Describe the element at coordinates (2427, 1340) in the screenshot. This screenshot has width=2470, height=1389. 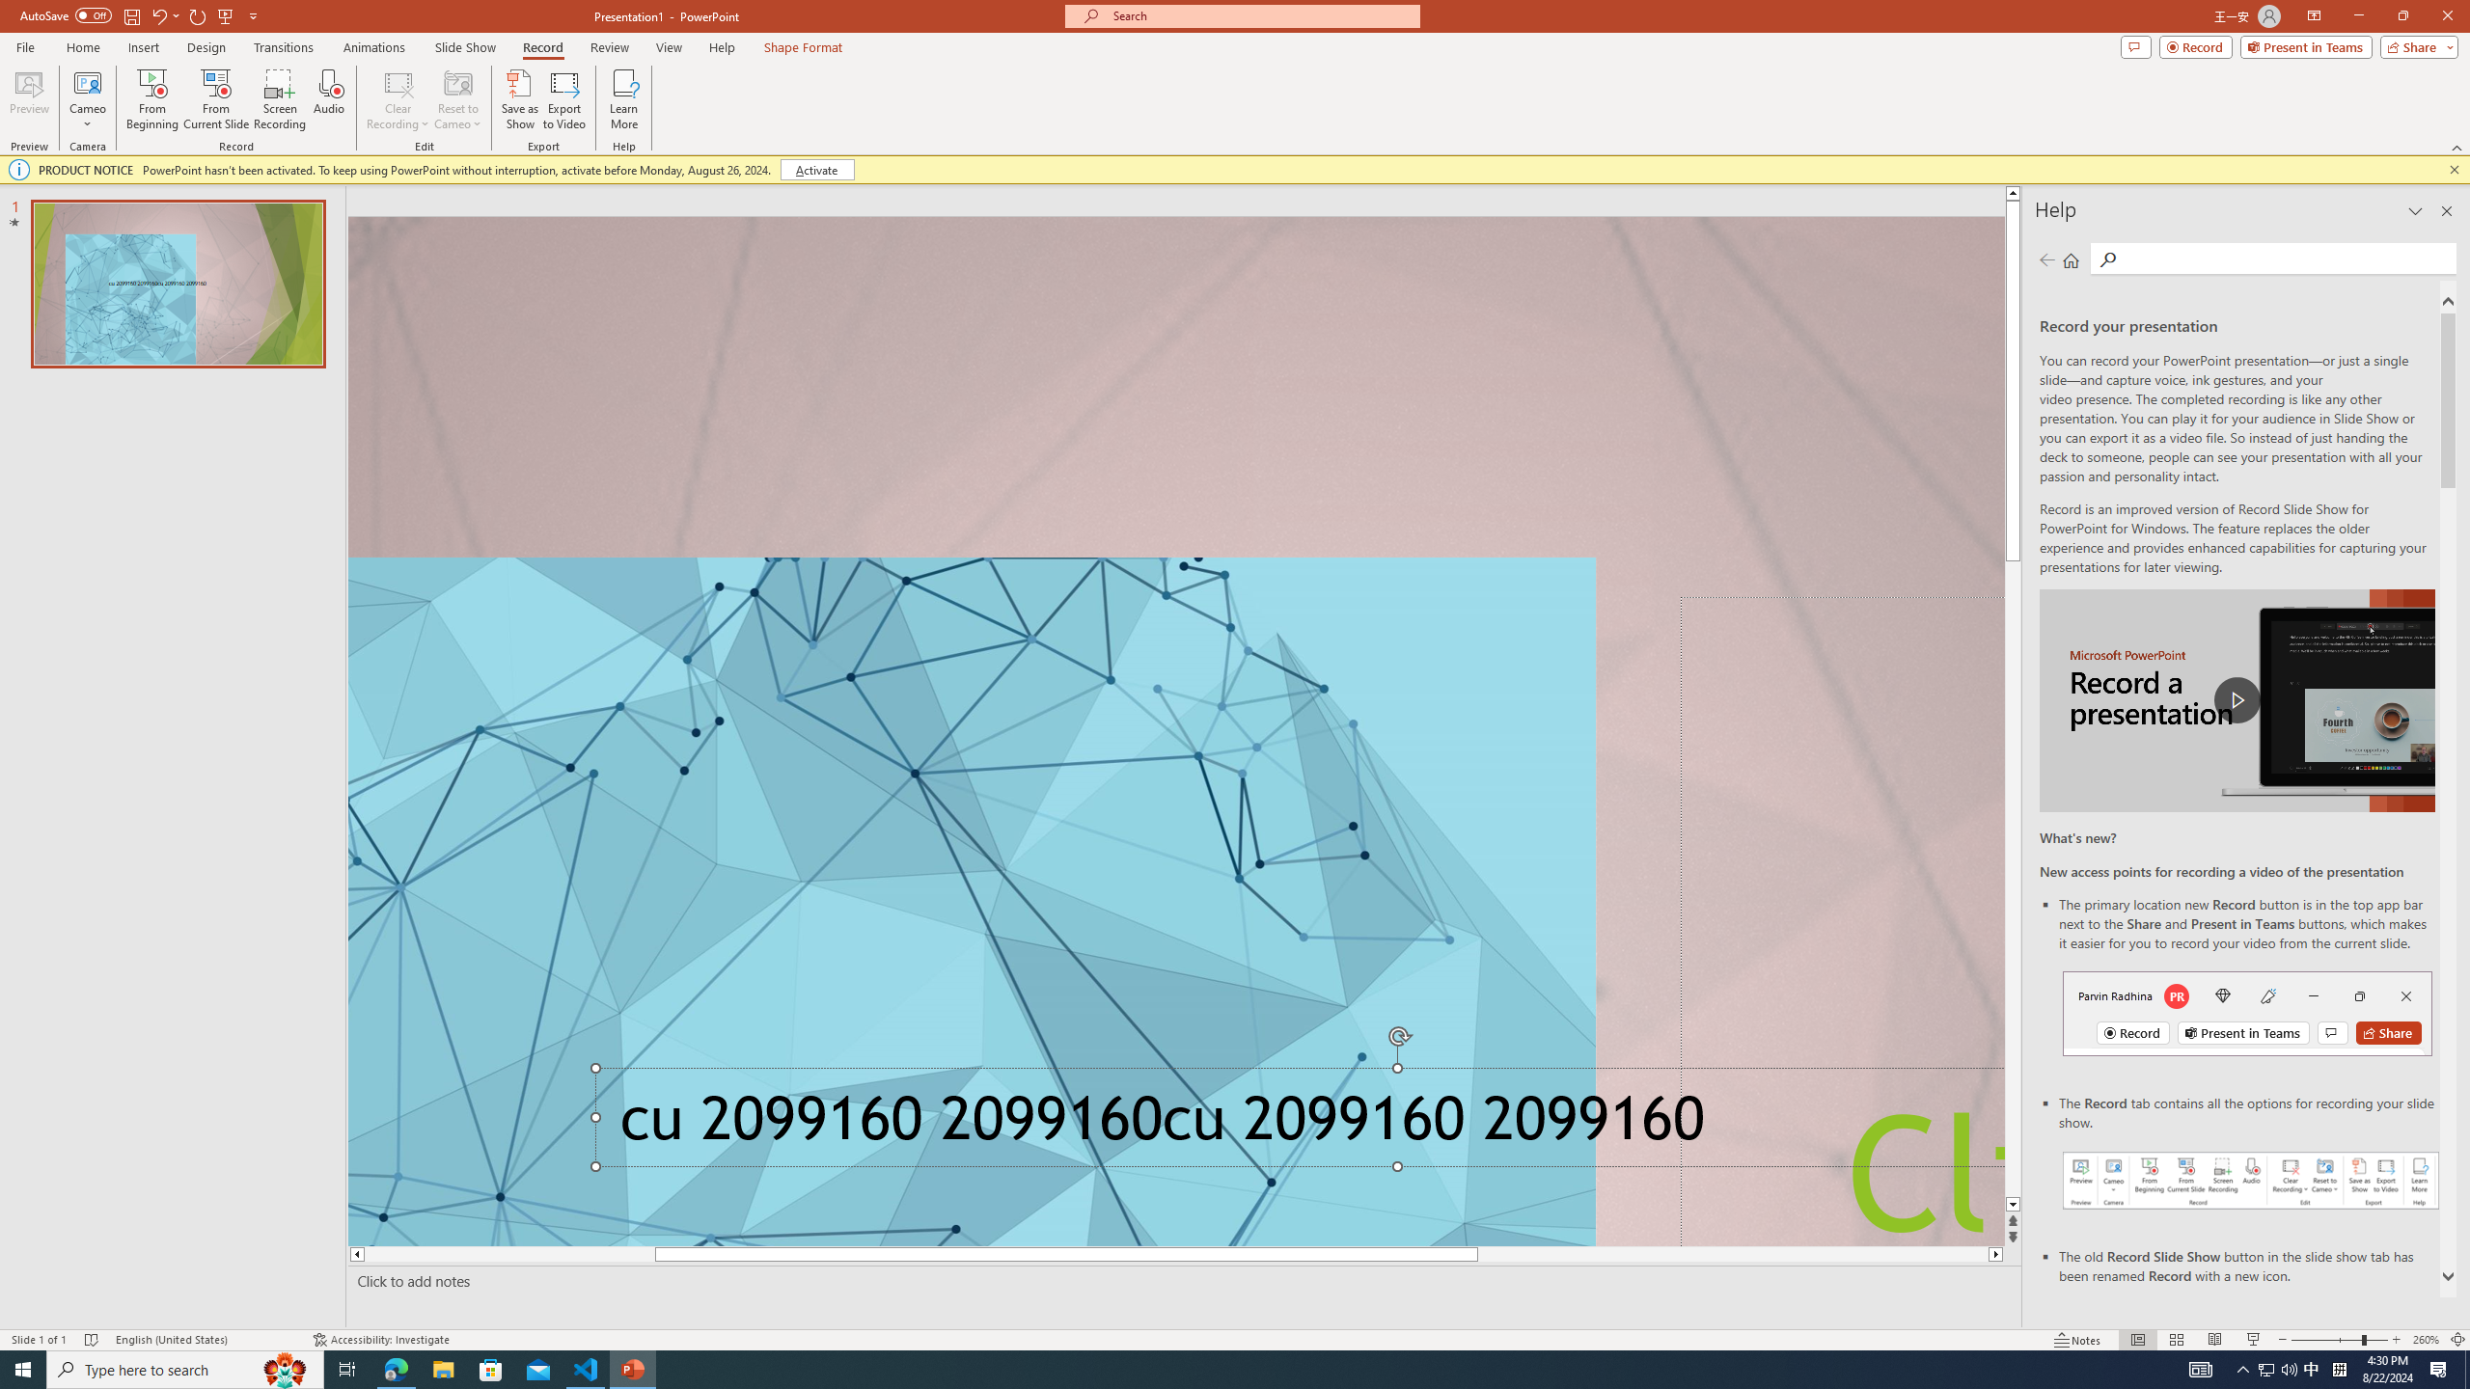
I see `'Zoom 260%'` at that location.